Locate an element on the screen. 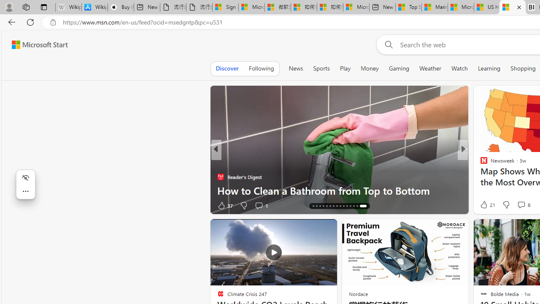  'AutomationID: tab-18' is located at coordinates (324, 206).